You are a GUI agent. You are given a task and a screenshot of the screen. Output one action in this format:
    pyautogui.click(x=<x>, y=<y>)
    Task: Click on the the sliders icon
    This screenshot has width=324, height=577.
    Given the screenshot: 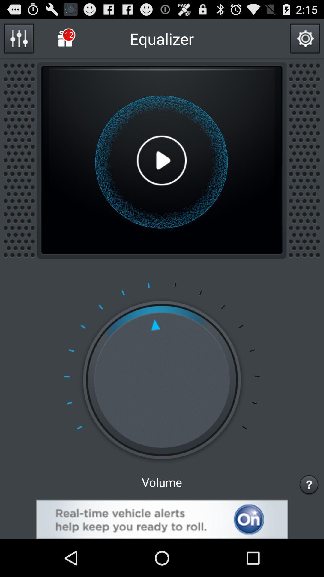 What is the action you would take?
    pyautogui.click(x=18, y=41)
    